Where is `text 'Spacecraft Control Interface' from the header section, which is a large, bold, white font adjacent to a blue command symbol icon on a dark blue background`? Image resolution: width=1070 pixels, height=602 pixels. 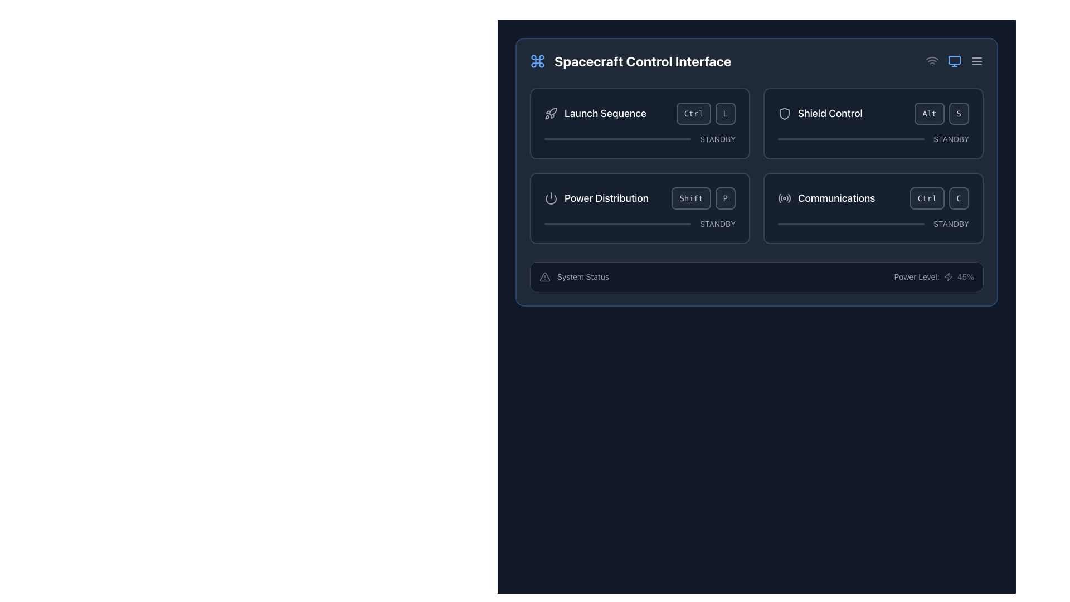 text 'Spacecraft Control Interface' from the header section, which is a large, bold, white font adjacent to a blue command symbol icon on a dark blue background is located at coordinates (630, 61).